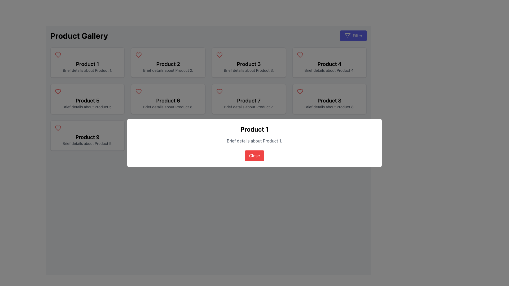 The image size is (509, 286). What do you see at coordinates (347, 36) in the screenshot?
I see `the filter icon located in the top-right corner of the 'Filter' button, which visually indicates filtering options` at bounding box center [347, 36].